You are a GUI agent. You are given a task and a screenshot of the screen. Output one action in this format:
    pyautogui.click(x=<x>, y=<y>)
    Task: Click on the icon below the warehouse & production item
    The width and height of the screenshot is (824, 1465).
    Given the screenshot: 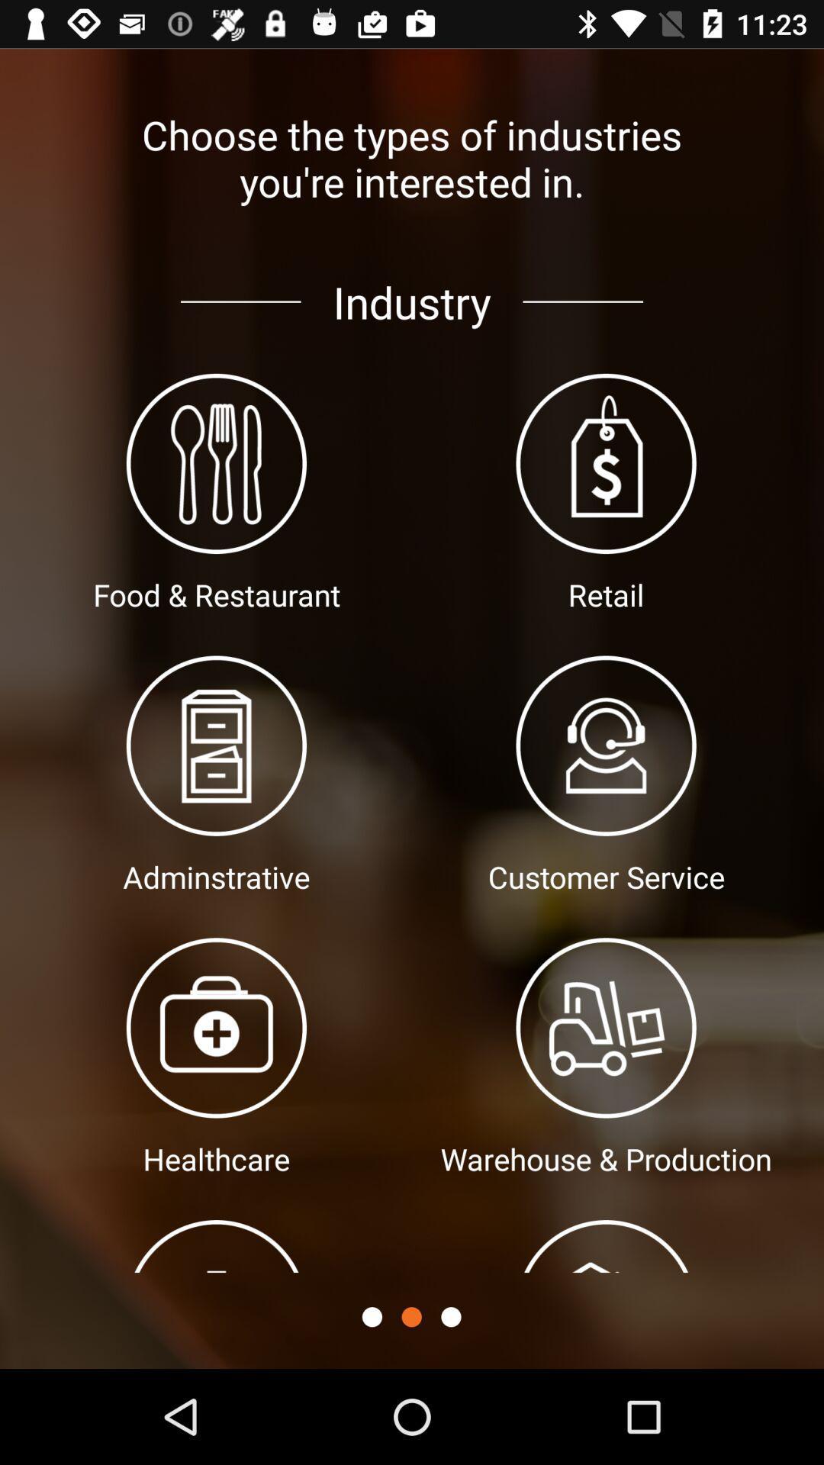 What is the action you would take?
    pyautogui.click(x=450, y=1316)
    